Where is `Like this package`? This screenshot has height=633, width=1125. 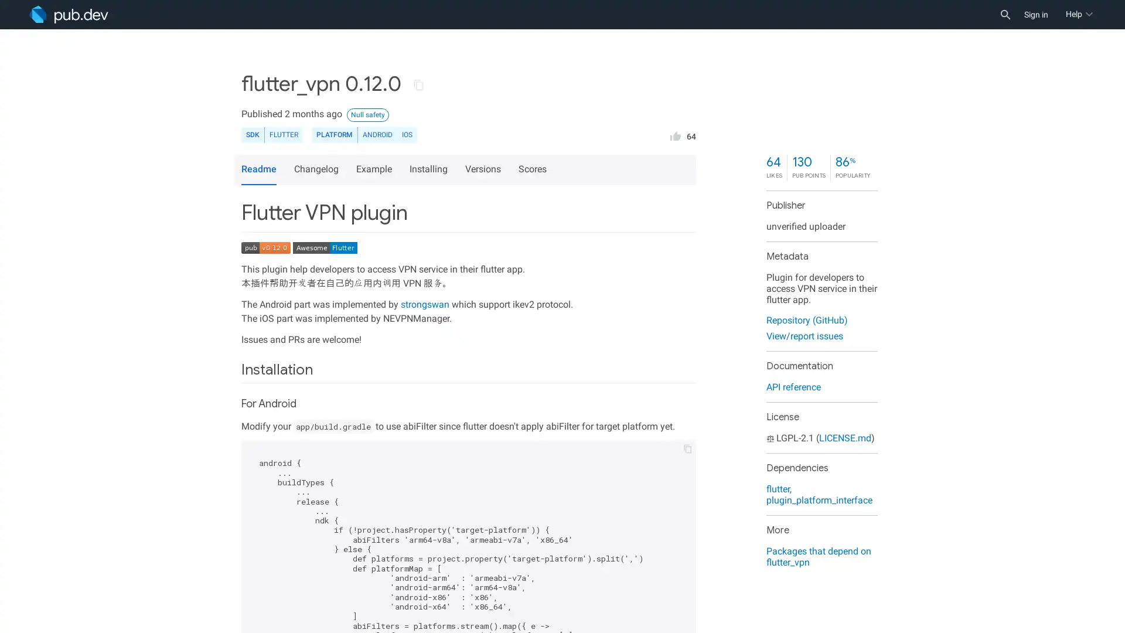
Like this package is located at coordinates (675, 134).